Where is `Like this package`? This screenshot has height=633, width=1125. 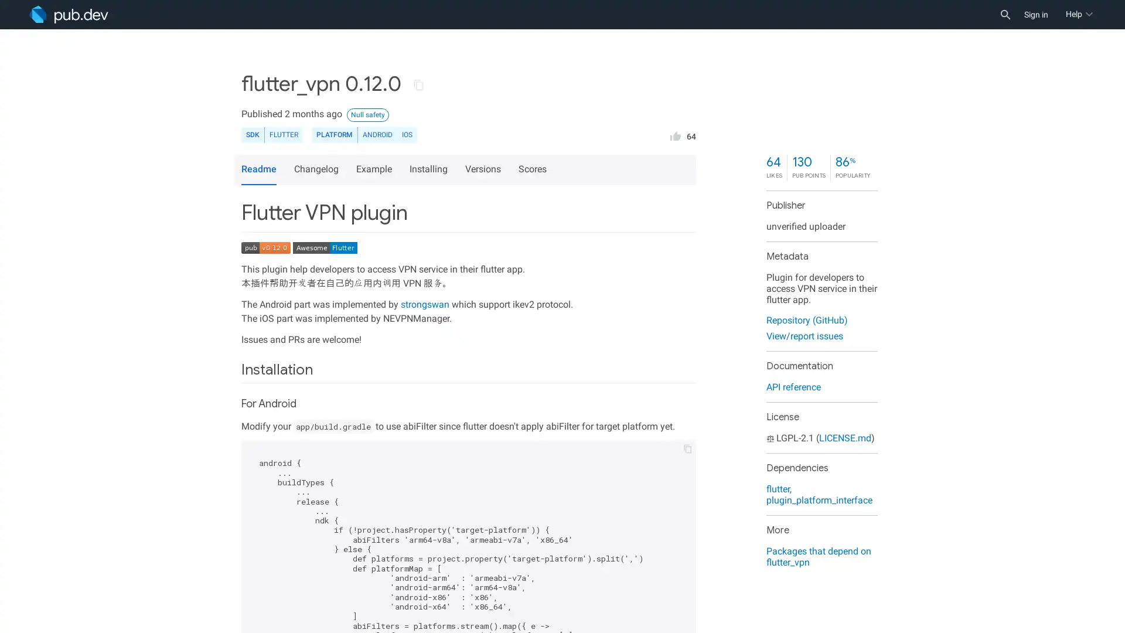
Like this package is located at coordinates (675, 134).